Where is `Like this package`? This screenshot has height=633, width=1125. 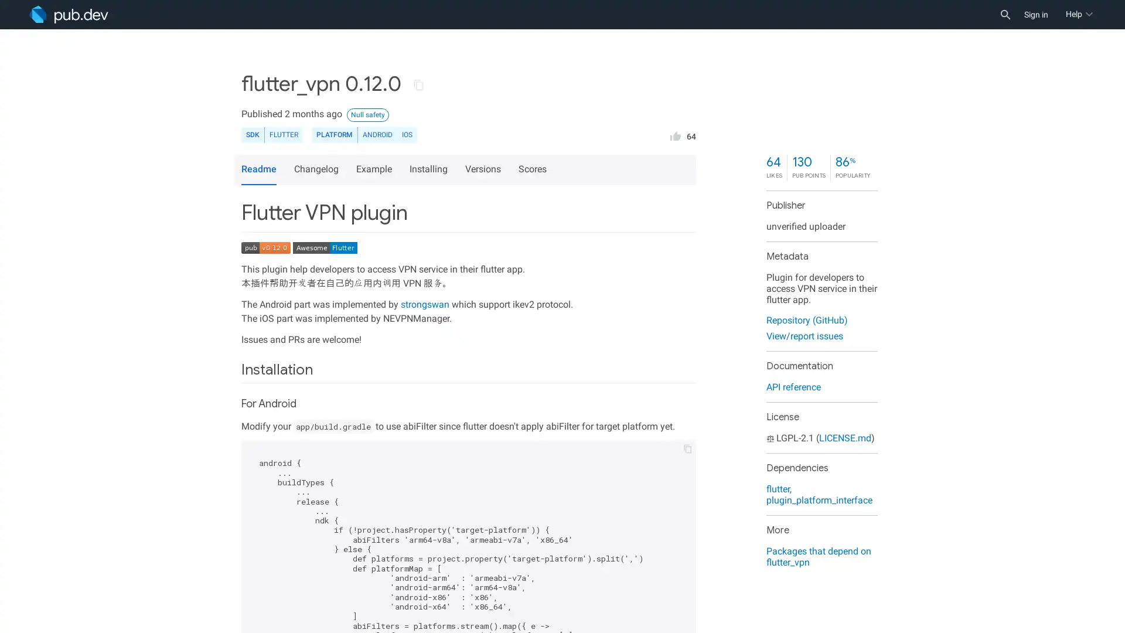
Like this package is located at coordinates (675, 134).